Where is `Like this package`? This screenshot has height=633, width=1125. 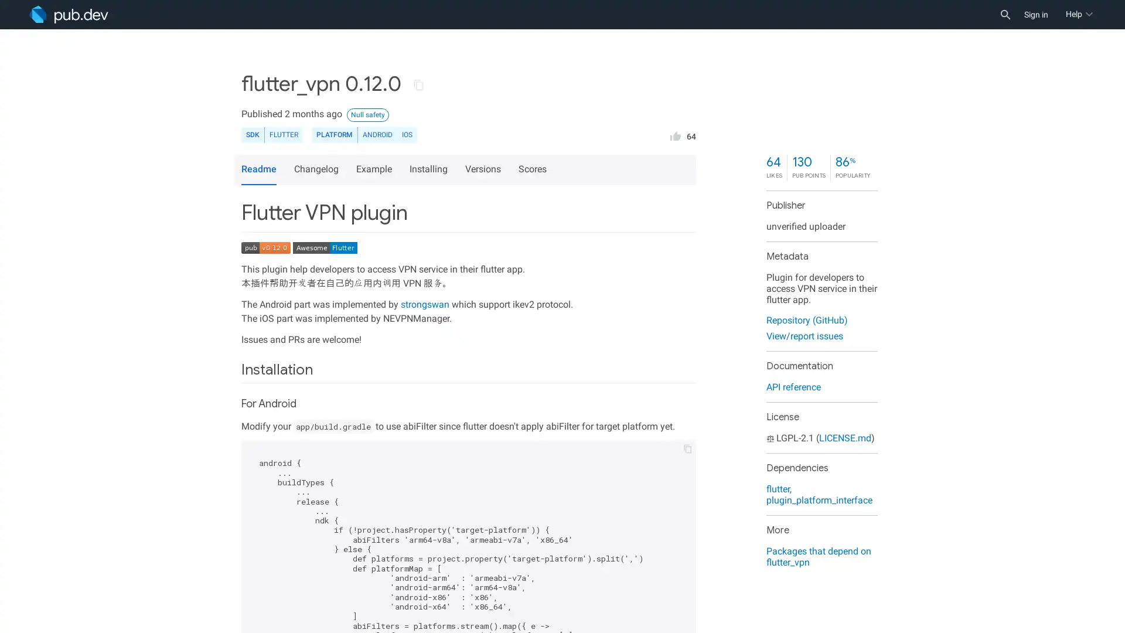
Like this package is located at coordinates (675, 134).